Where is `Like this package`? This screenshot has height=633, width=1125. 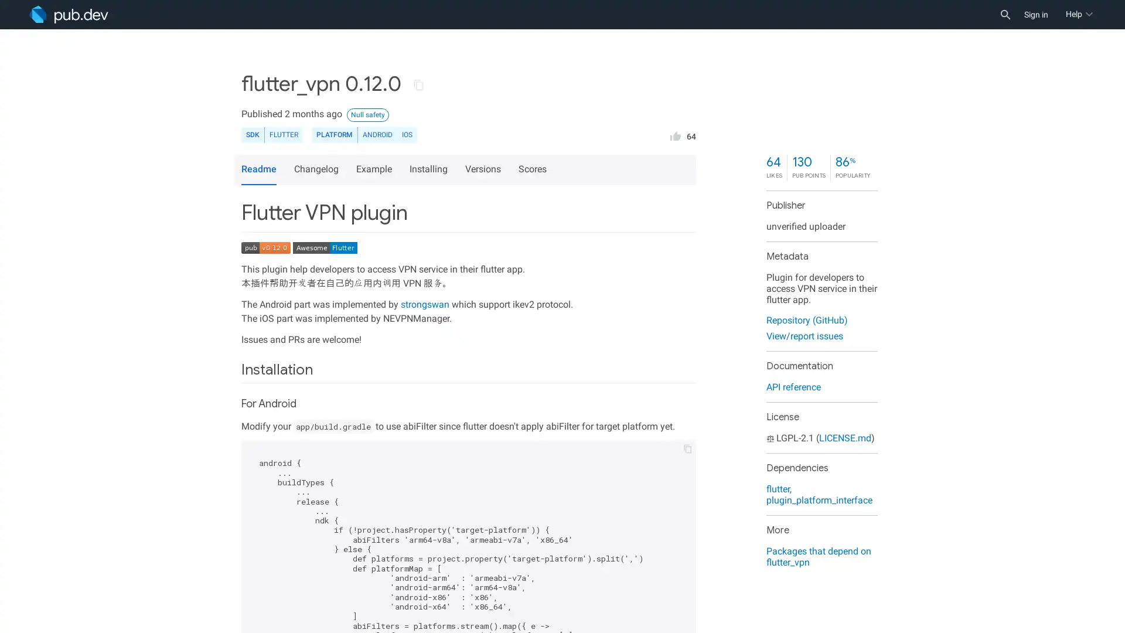
Like this package is located at coordinates (675, 134).